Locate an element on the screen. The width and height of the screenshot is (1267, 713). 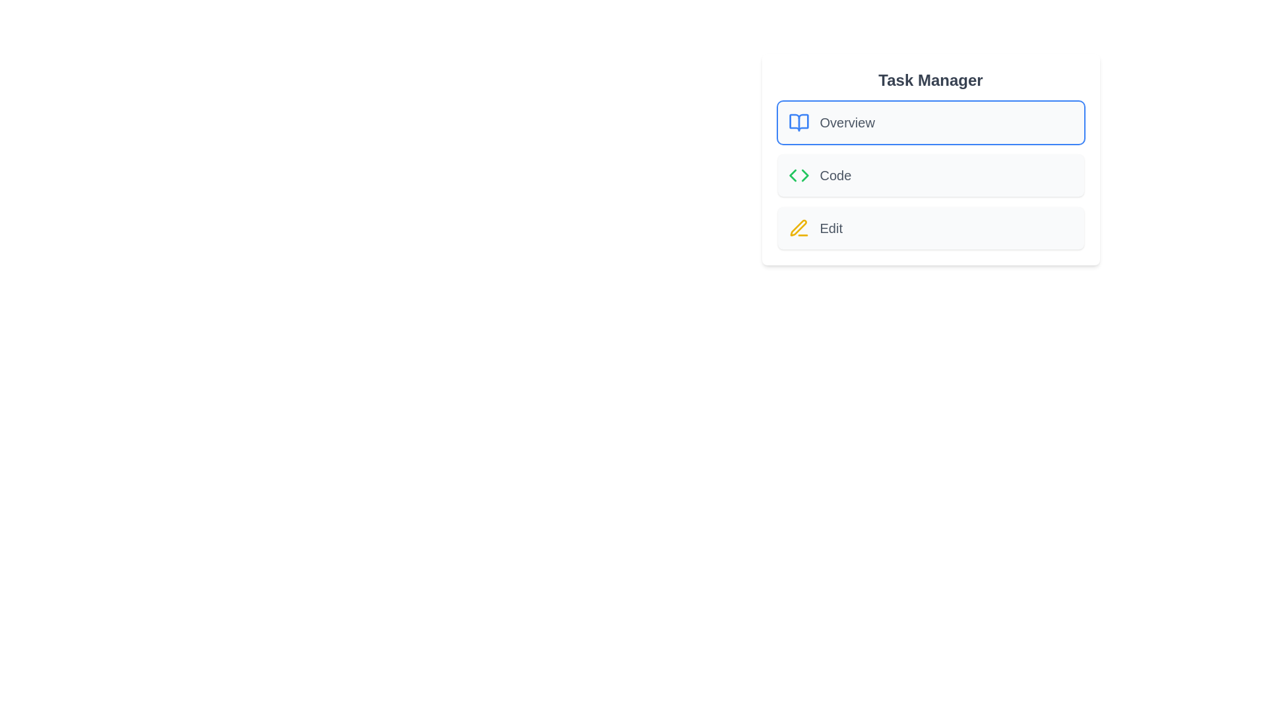
the 'Task Manager' text label, which is displayed in a bold, large dark gray font at the top of a white box is located at coordinates (930, 81).